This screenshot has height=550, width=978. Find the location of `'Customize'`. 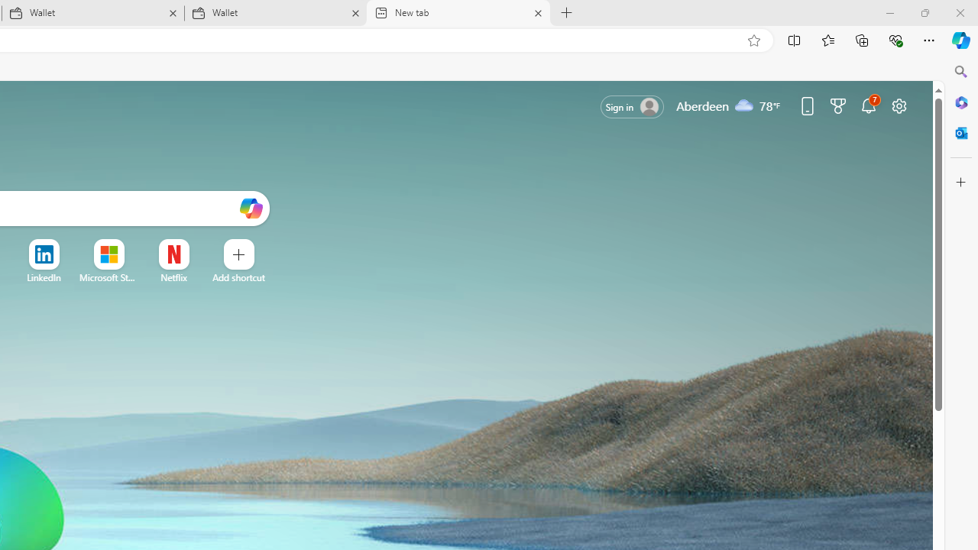

'Customize' is located at coordinates (960, 182).